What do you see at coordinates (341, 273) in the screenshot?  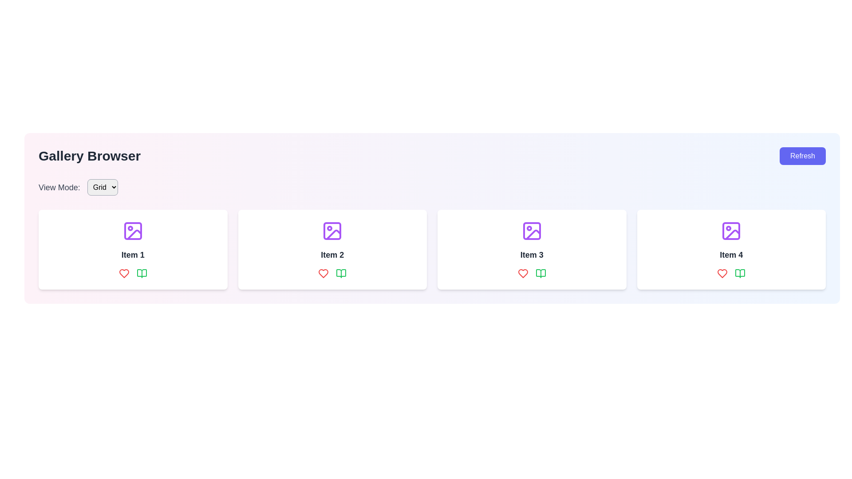 I see `the second icon in the horizontal group under the card labeled 'Item 2', which is positioned immediately to the right of the heart-shaped red icon` at bounding box center [341, 273].